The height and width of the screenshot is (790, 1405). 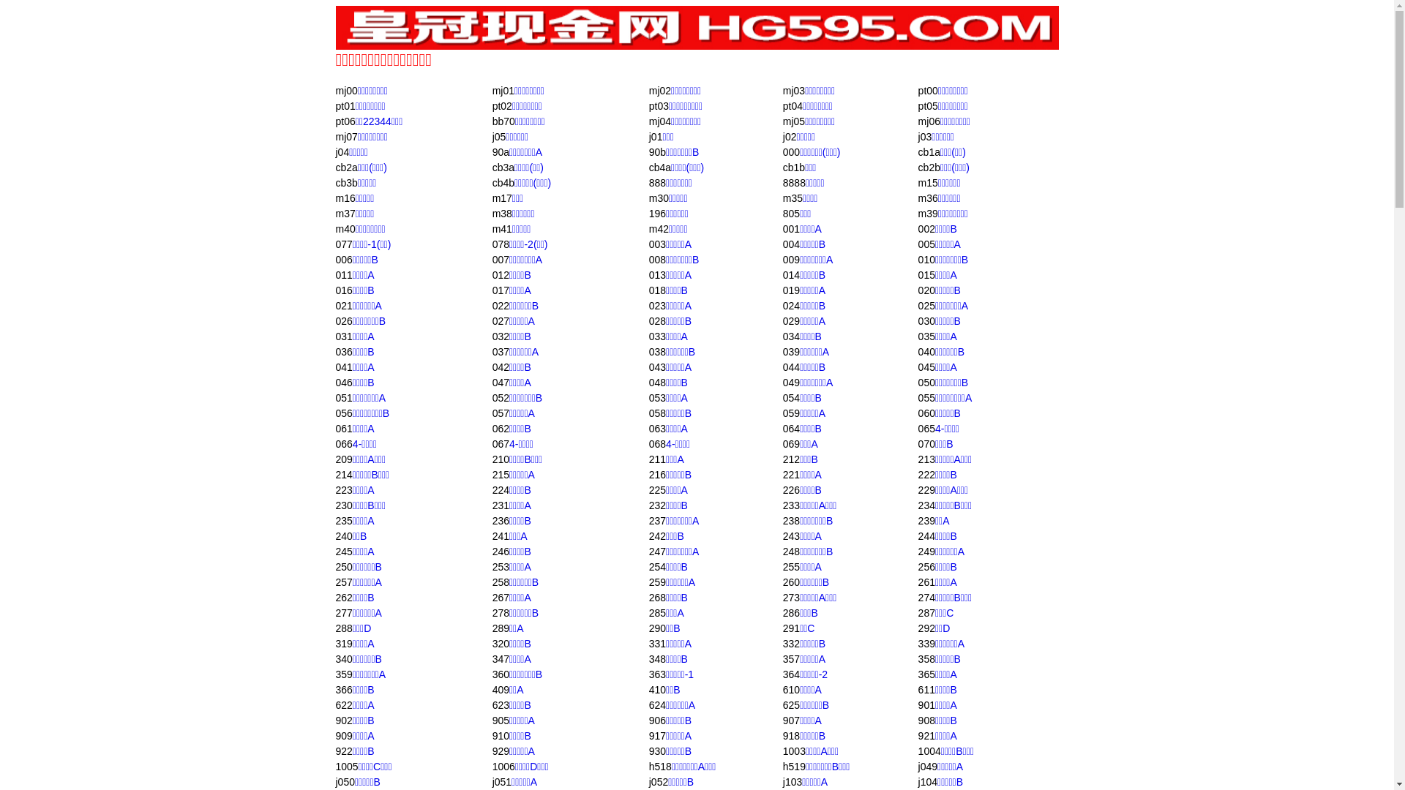 What do you see at coordinates (501, 581) in the screenshot?
I see `'258'` at bounding box center [501, 581].